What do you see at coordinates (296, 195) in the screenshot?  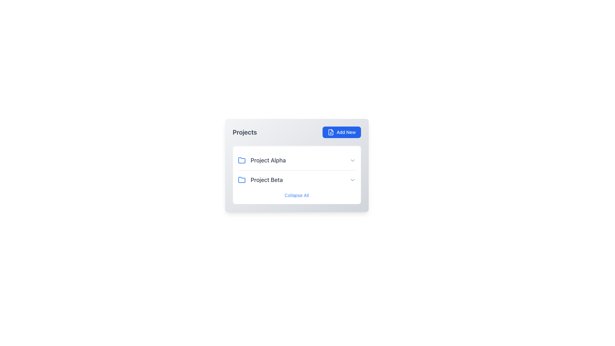 I see `the Interactive Link Text at the bottom of the 'Projects' section` at bounding box center [296, 195].